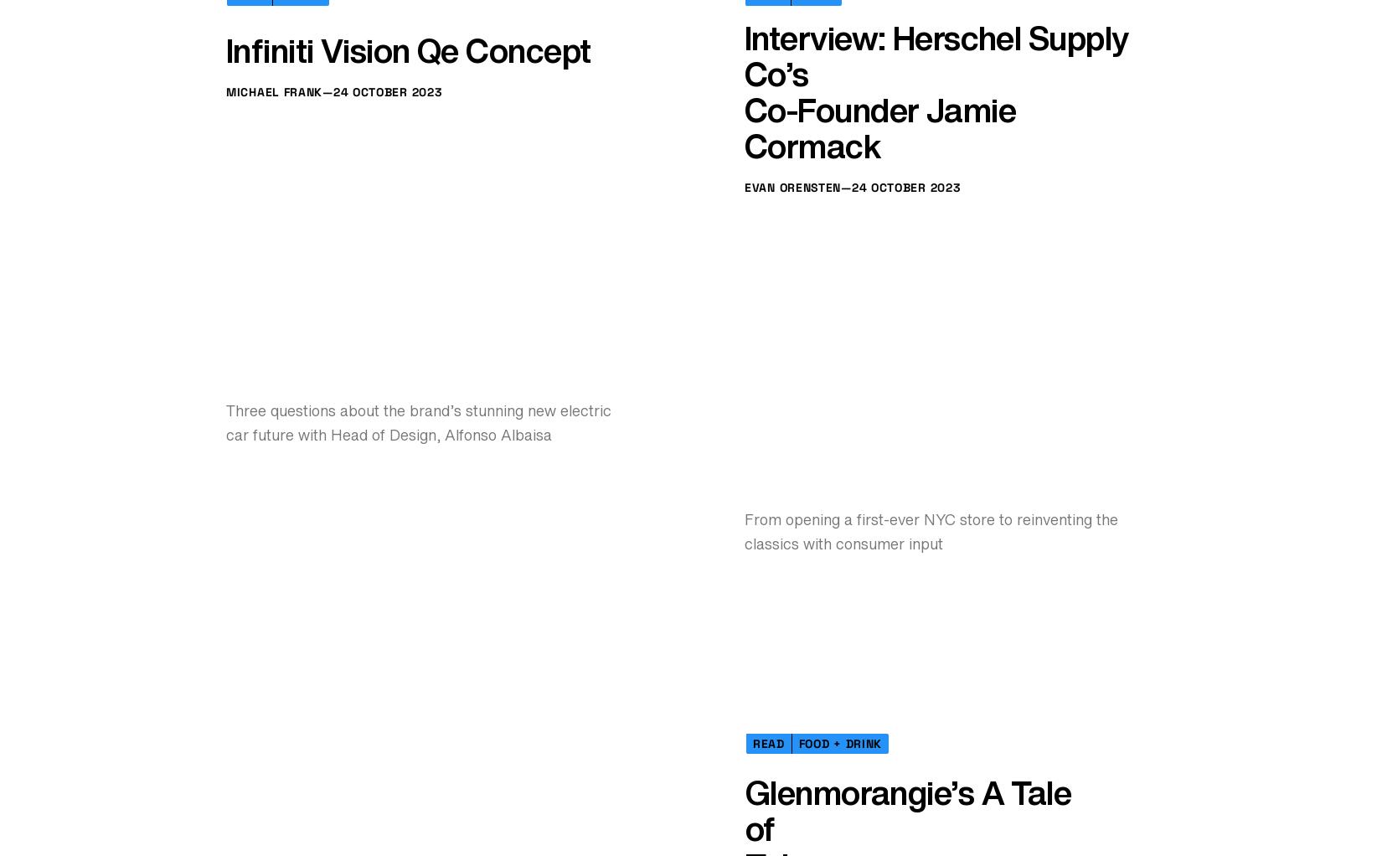  What do you see at coordinates (859, 330) in the screenshot?
I see `'25 October 2023'` at bounding box center [859, 330].